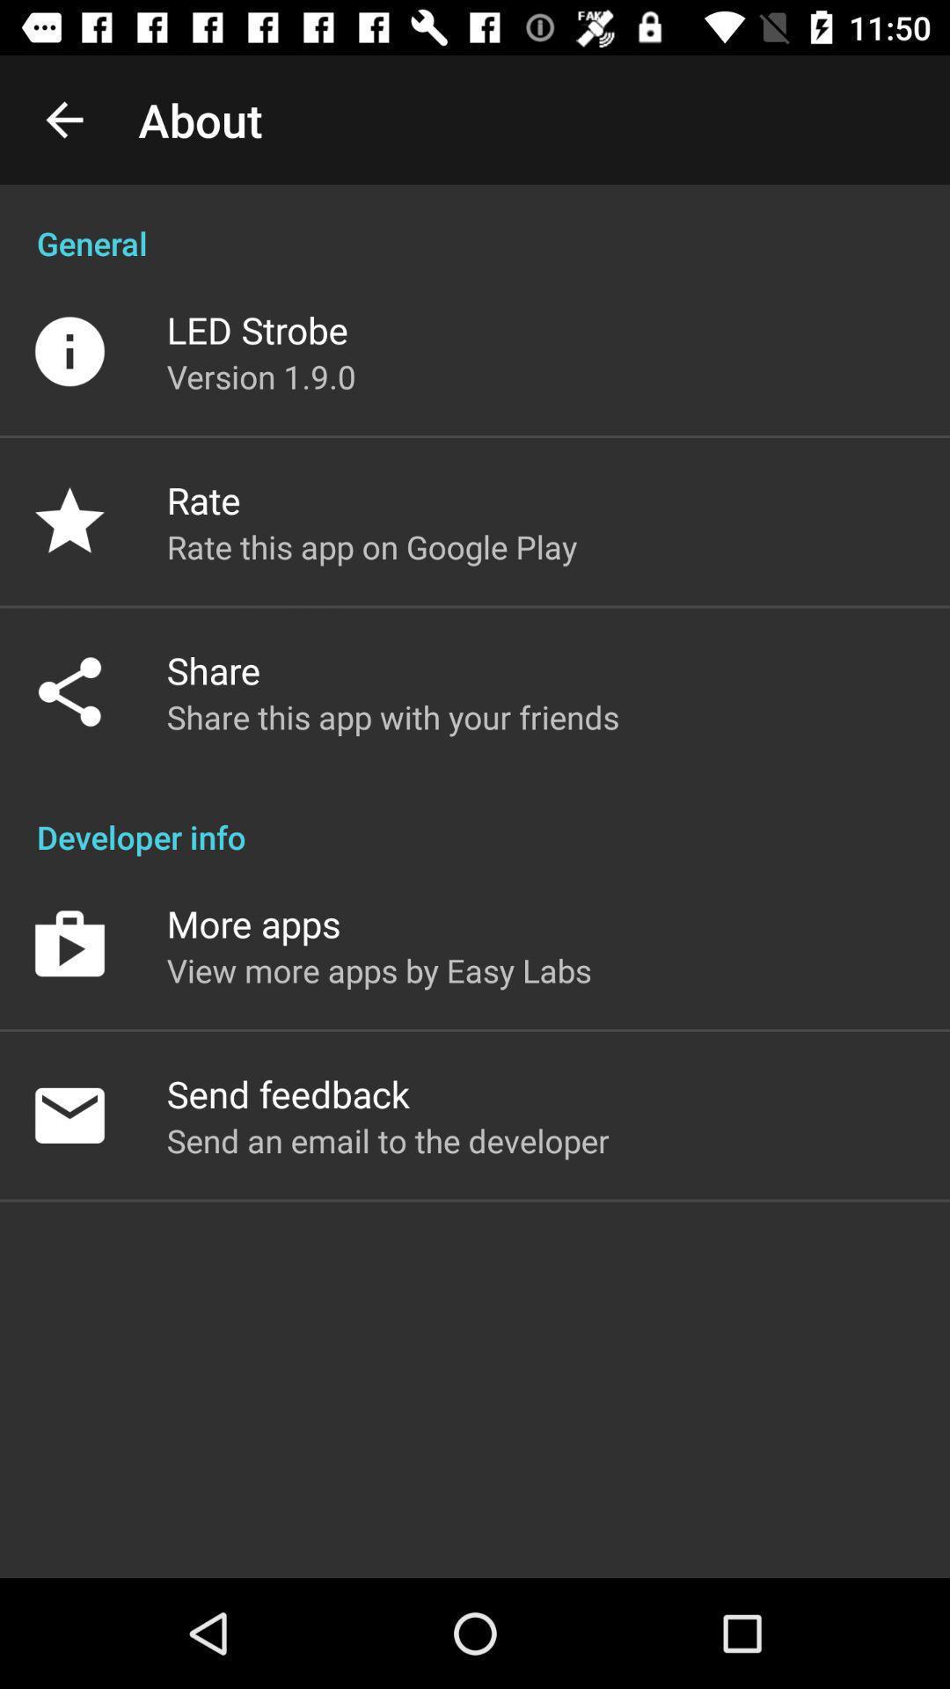 This screenshot has width=950, height=1689. Describe the element at coordinates (475, 817) in the screenshot. I see `the developer info item` at that location.